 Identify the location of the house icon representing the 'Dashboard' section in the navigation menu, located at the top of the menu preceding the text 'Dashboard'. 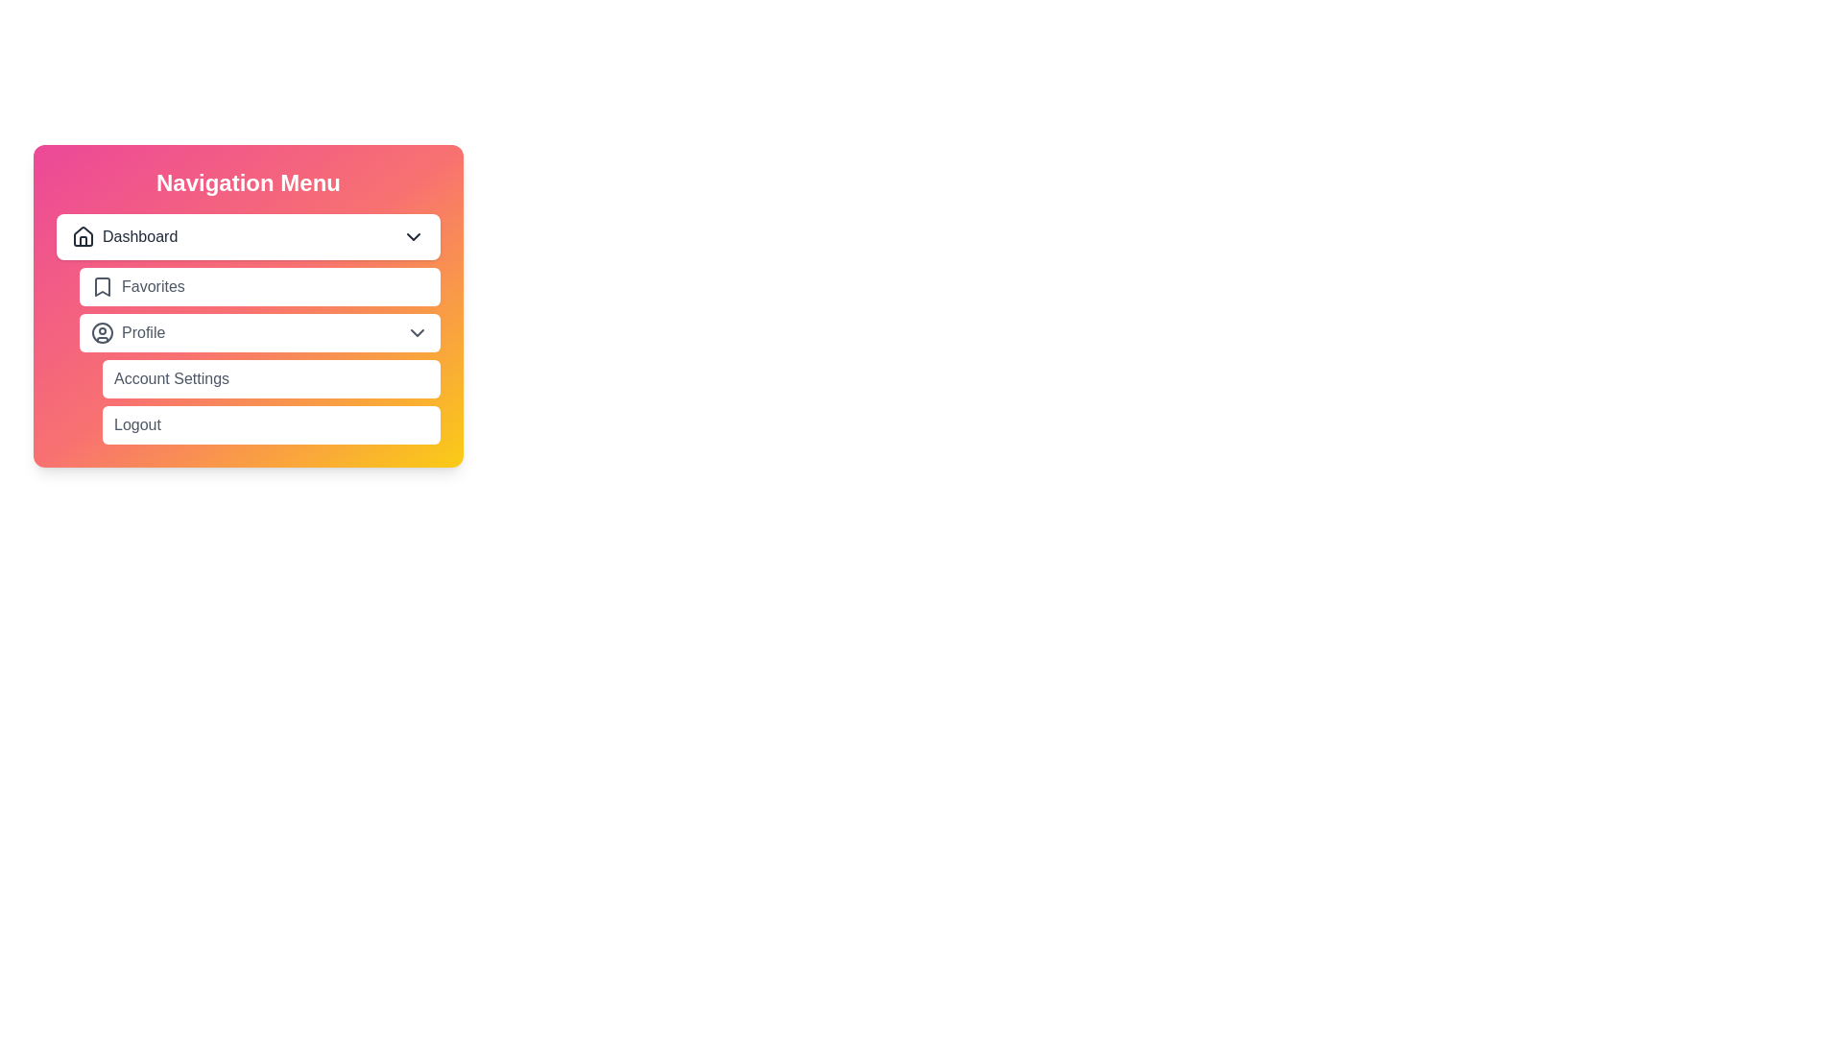
(82, 235).